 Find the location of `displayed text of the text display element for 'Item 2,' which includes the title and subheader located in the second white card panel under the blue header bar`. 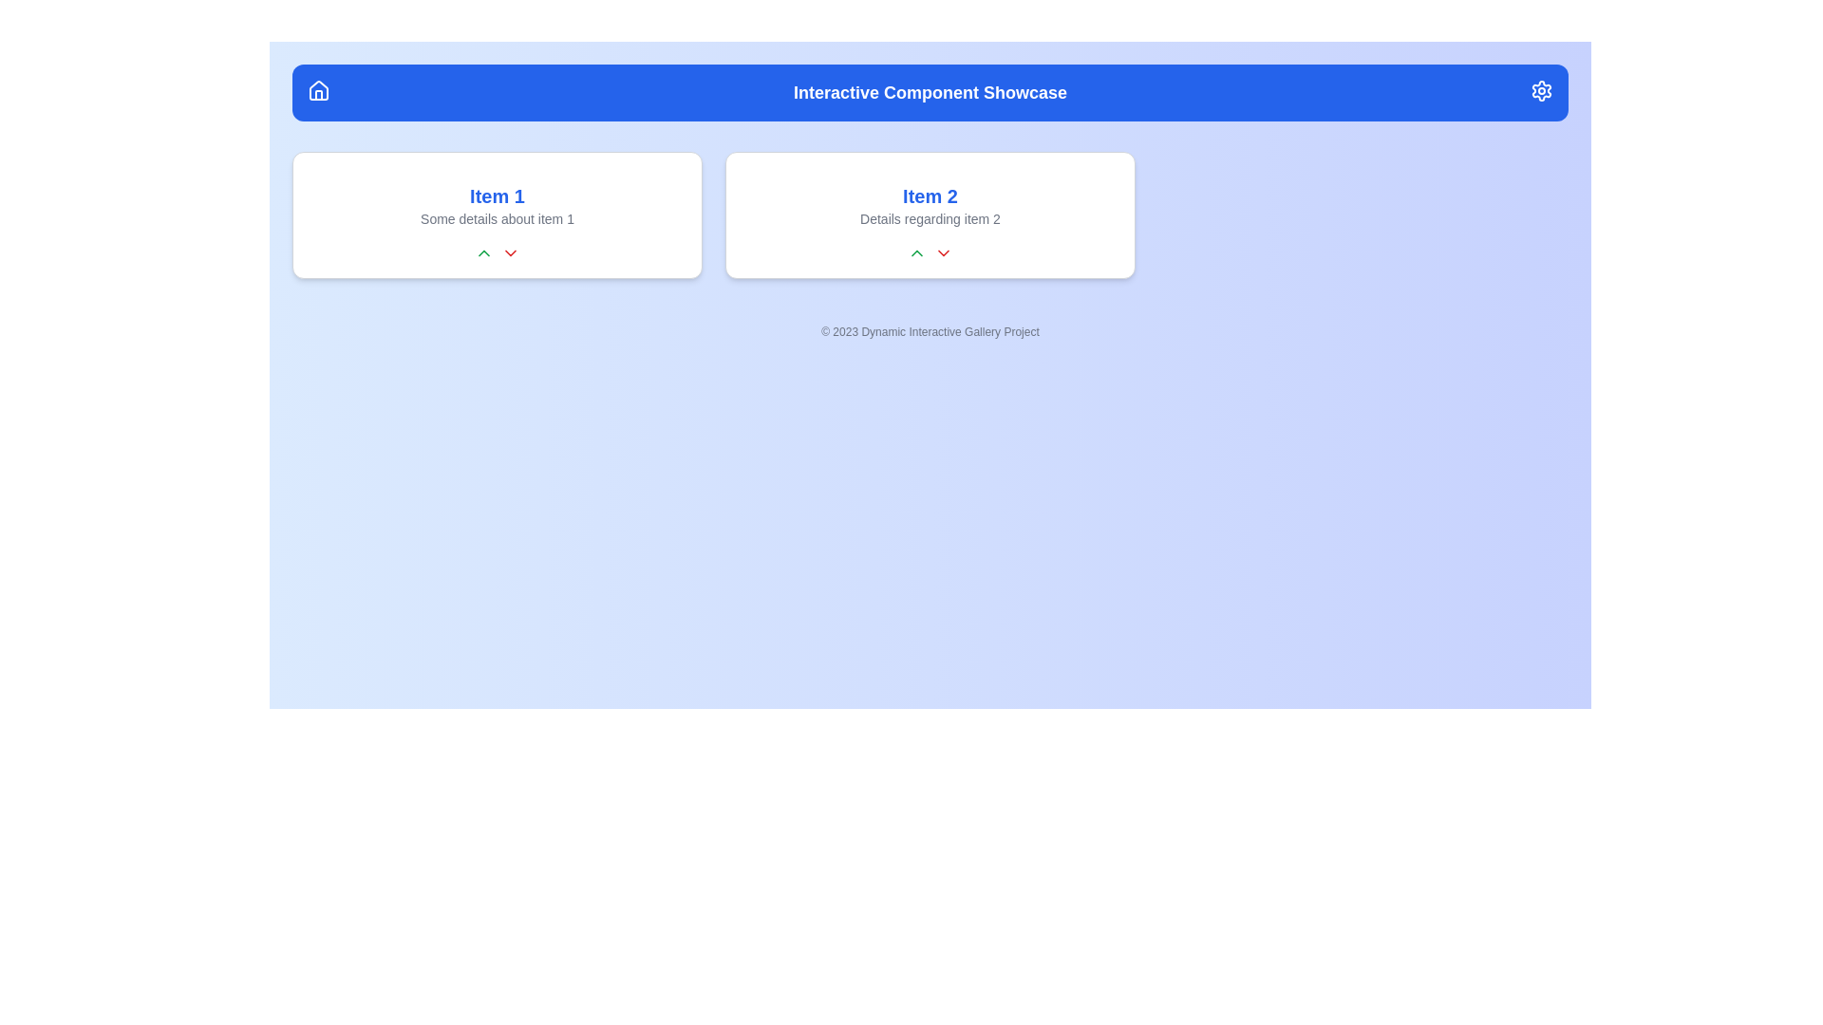

displayed text of the text display element for 'Item 2,' which includes the title and subheader located in the second white card panel under the blue header bar is located at coordinates (930, 205).